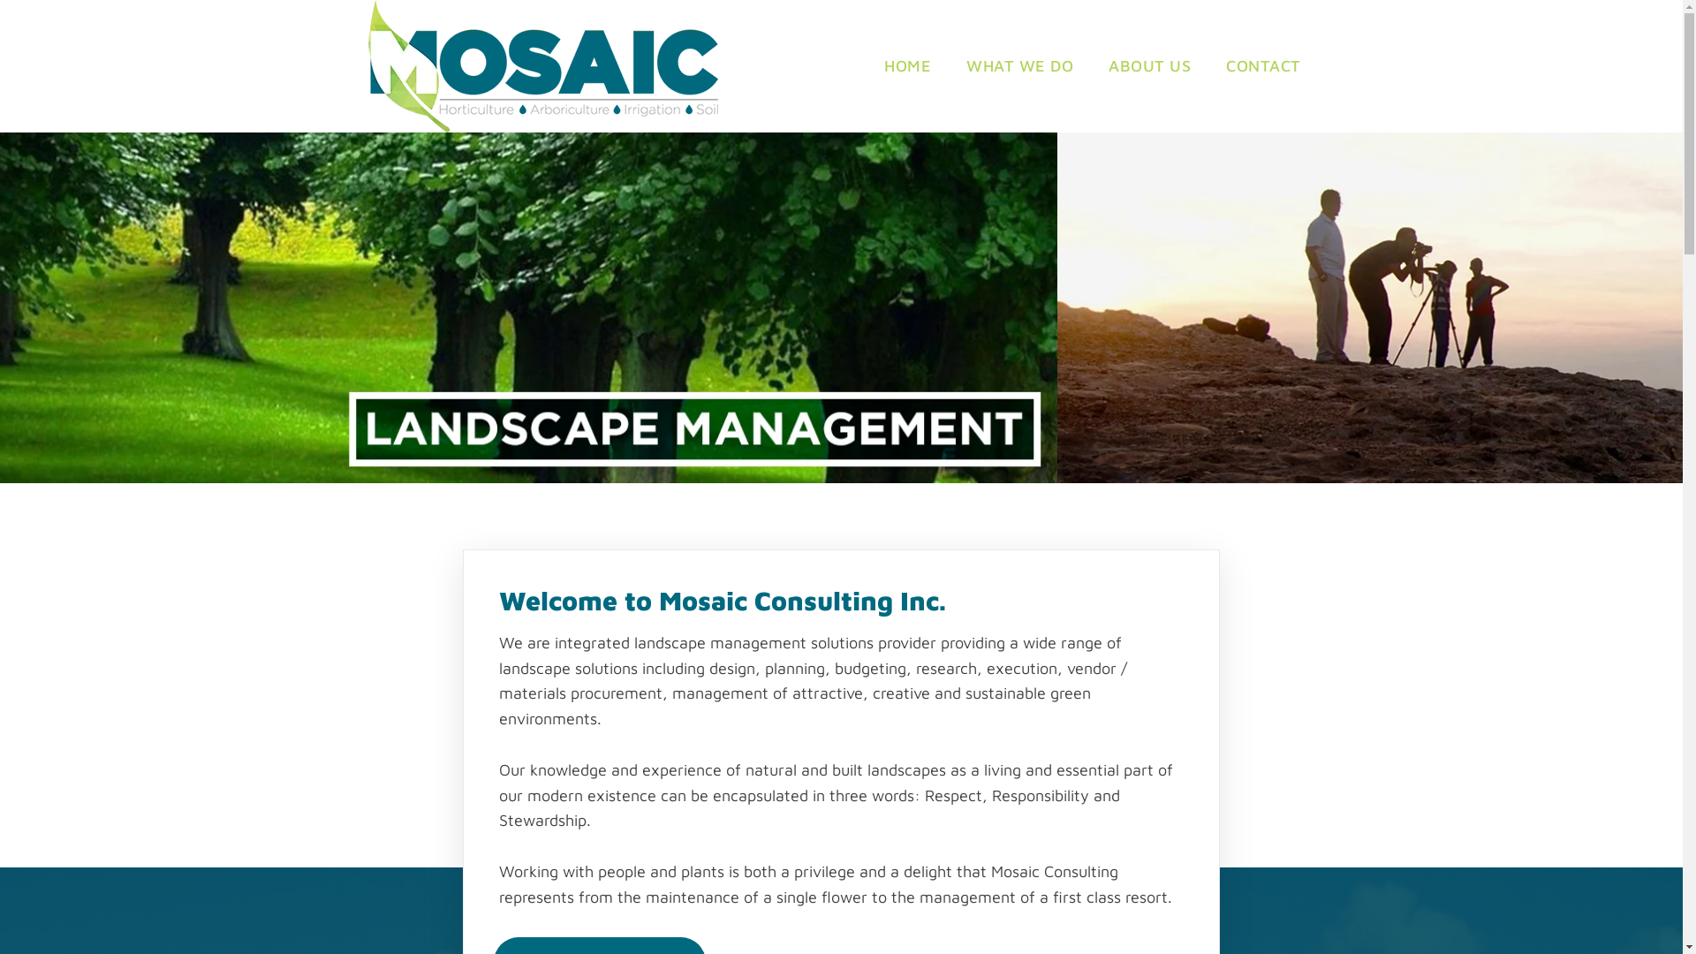 Image resolution: width=1696 pixels, height=954 pixels. Describe the element at coordinates (907, 64) in the screenshot. I see `'HOME'` at that location.